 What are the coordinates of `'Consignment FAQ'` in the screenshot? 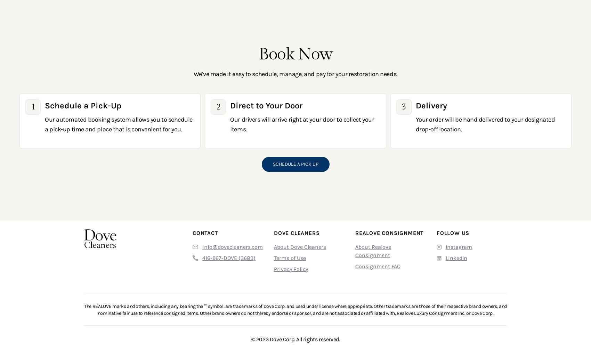 It's located at (378, 266).